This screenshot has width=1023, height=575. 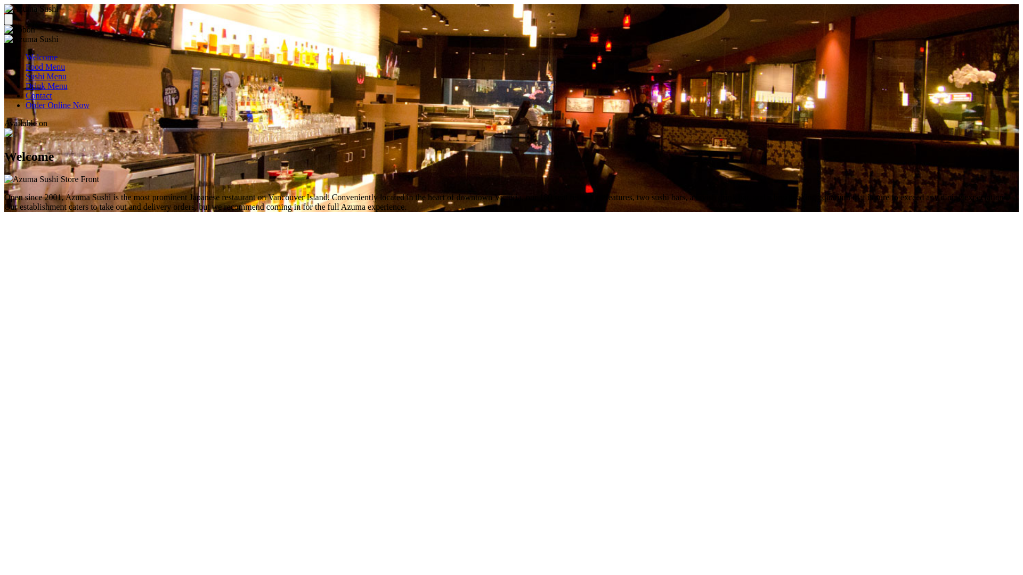 What do you see at coordinates (45, 67) in the screenshot?
I see `'Food Menu'` at bounding box center [45, 67].